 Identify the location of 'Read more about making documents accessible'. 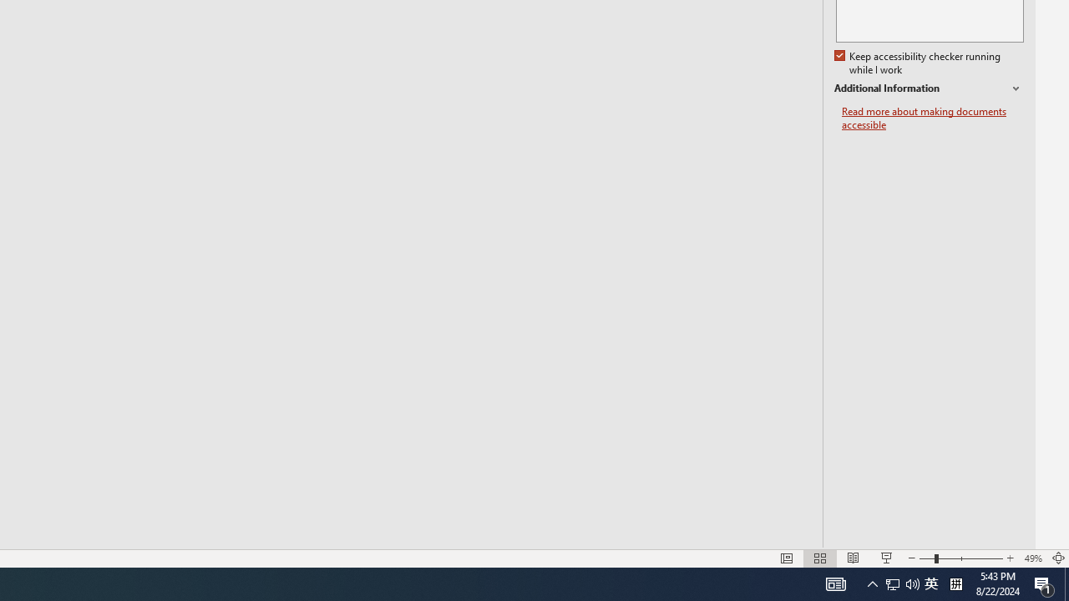
(932, 118).